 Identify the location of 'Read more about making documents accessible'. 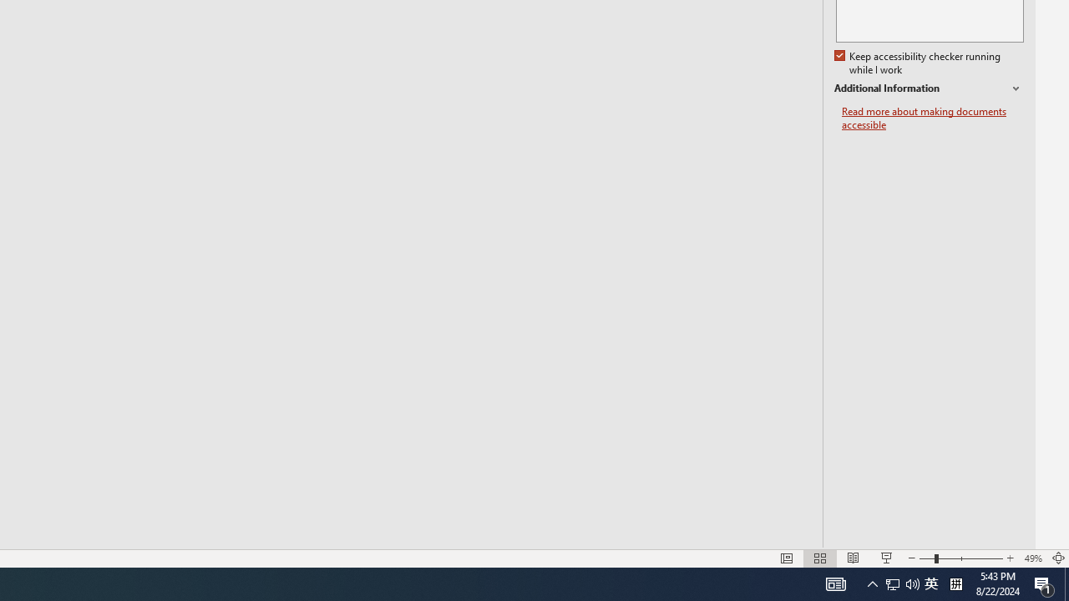
(932, 118).